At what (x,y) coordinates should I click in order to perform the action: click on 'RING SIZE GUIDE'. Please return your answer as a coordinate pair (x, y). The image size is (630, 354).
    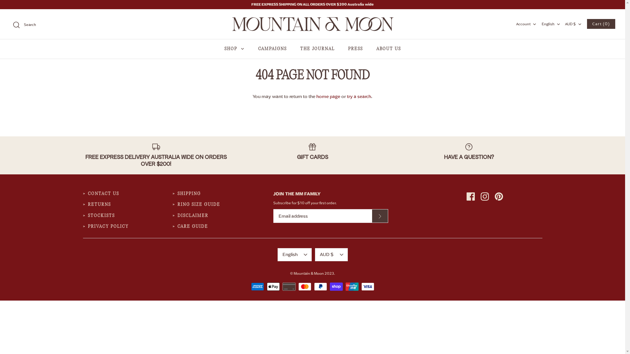
    Looking at the image, I should click on (178, 204).